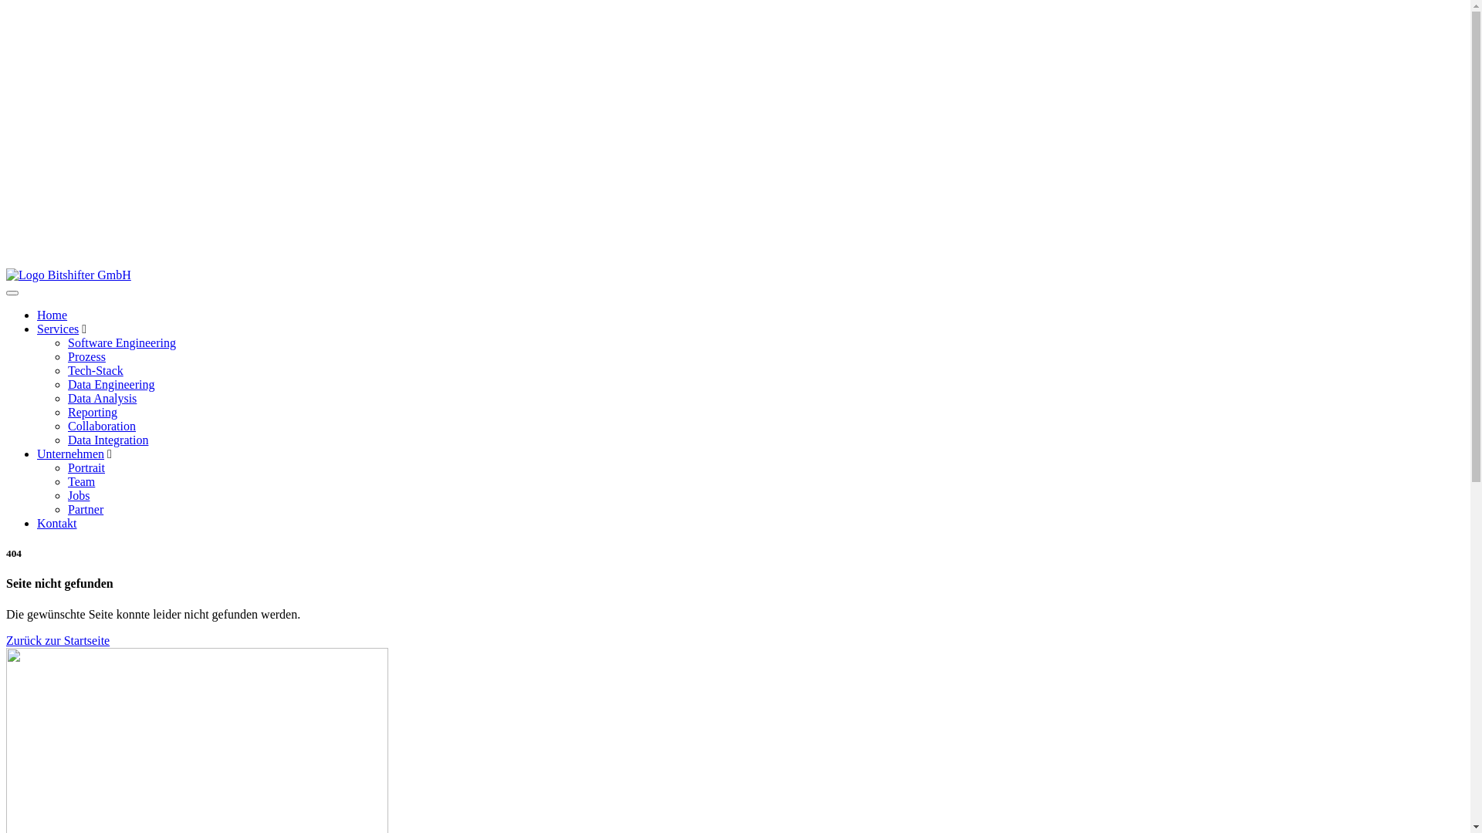 The image size is (1482, 833). Describe the element at coordinates (107, 440) in the screenshot. I see `'Data Integration'` at that location.